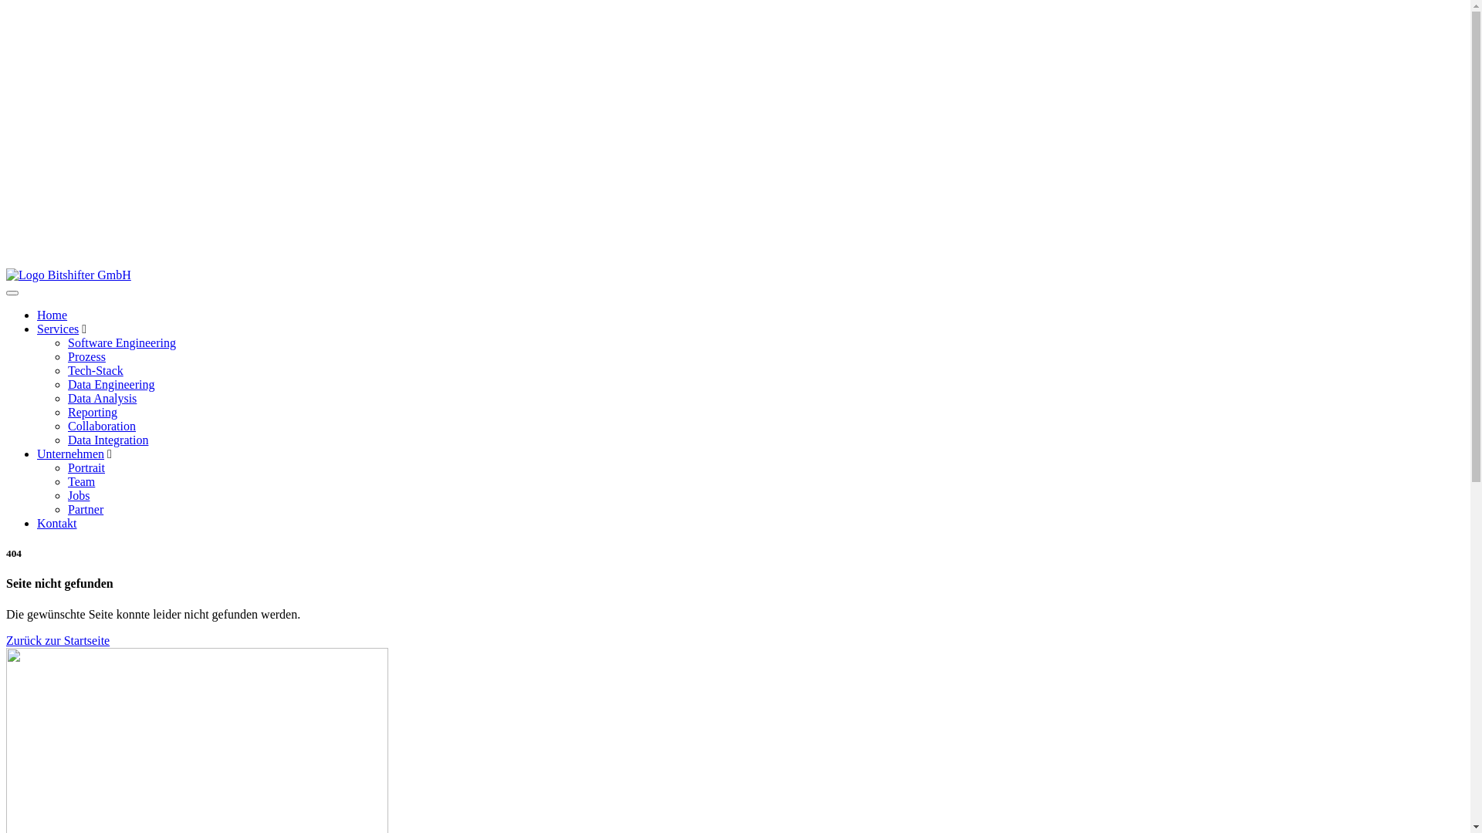 The image size is (1482, 833). Describe the element at coordinates (107, 440) in the screenshot. I see `'Data Integration'` at that location.